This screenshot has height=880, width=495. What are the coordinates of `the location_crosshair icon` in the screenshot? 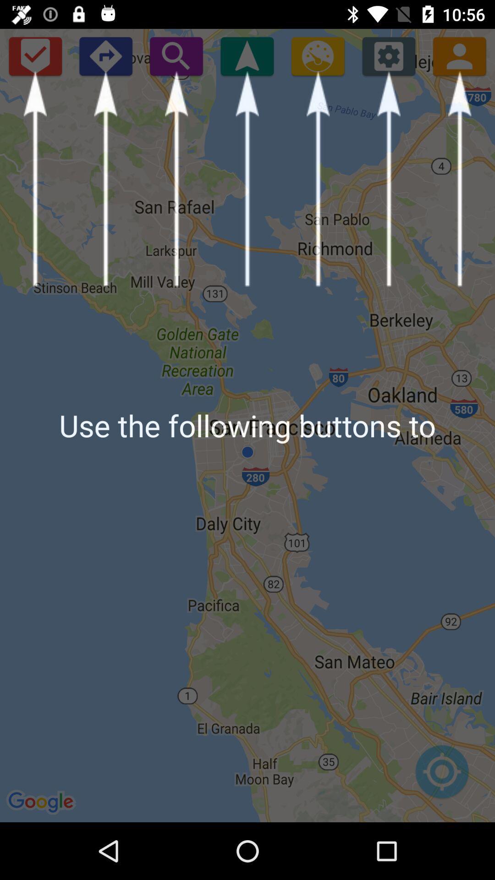 It's located at (441, 776).